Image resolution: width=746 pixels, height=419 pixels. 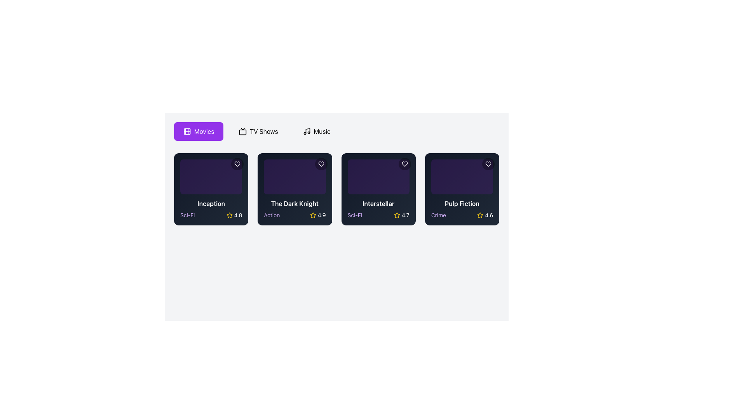 What do you see at coordinates (378, 203) in the screenshot?
I see `the text label that displays 'Interstellar', which is styled with white bold text on a dark background, located within the third movie card` at bounding box center [378, 203].